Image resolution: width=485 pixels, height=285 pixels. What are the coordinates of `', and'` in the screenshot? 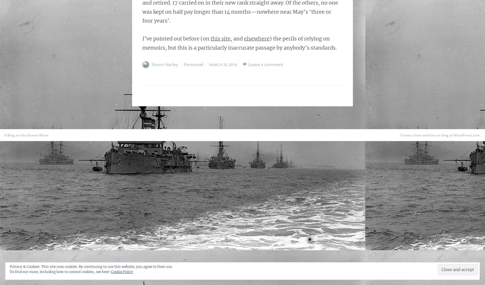 It's located at (237, 38).